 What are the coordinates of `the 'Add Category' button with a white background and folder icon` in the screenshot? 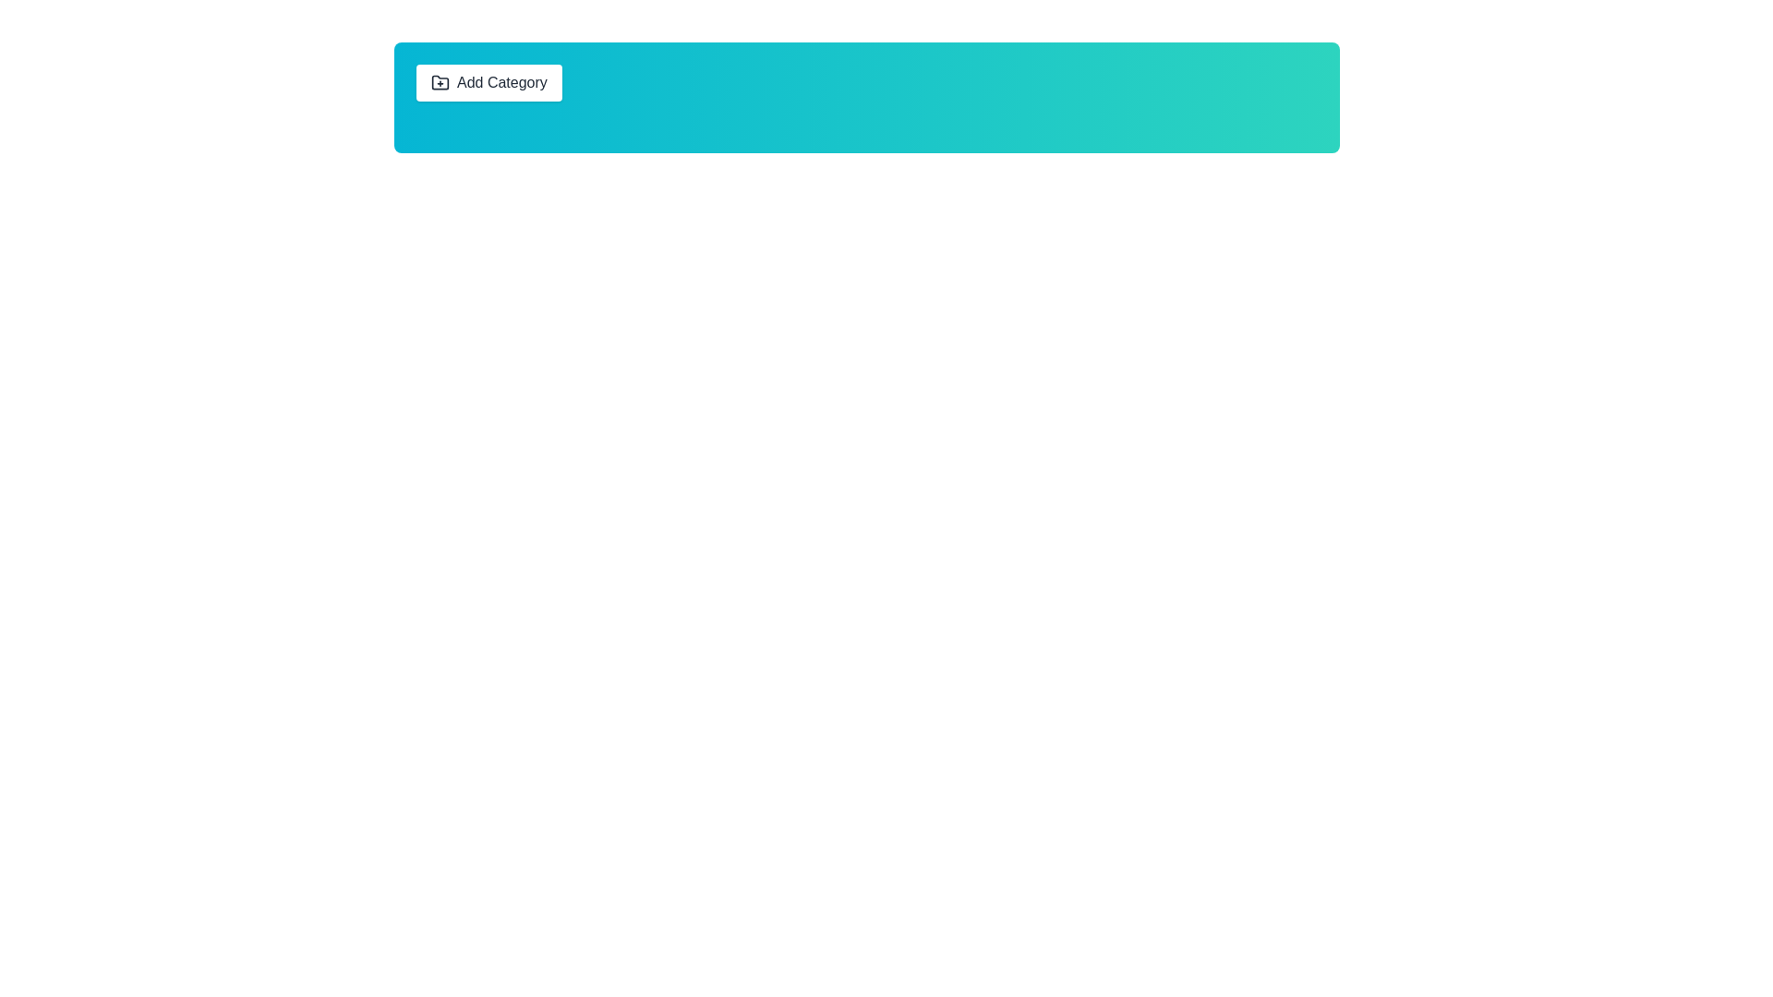 It's located at (488, 81).